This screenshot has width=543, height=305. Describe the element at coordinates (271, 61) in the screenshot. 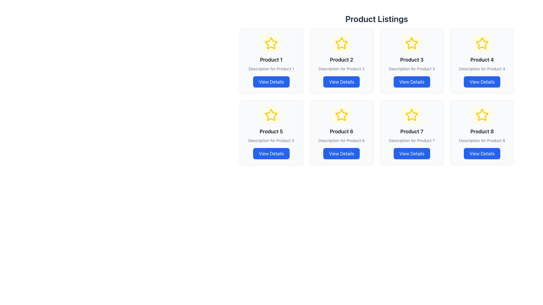

I see `the product card component featuring a yellow star icon, the title 'Product 1', and a blue 'View Details' button at the bottom` at that location.